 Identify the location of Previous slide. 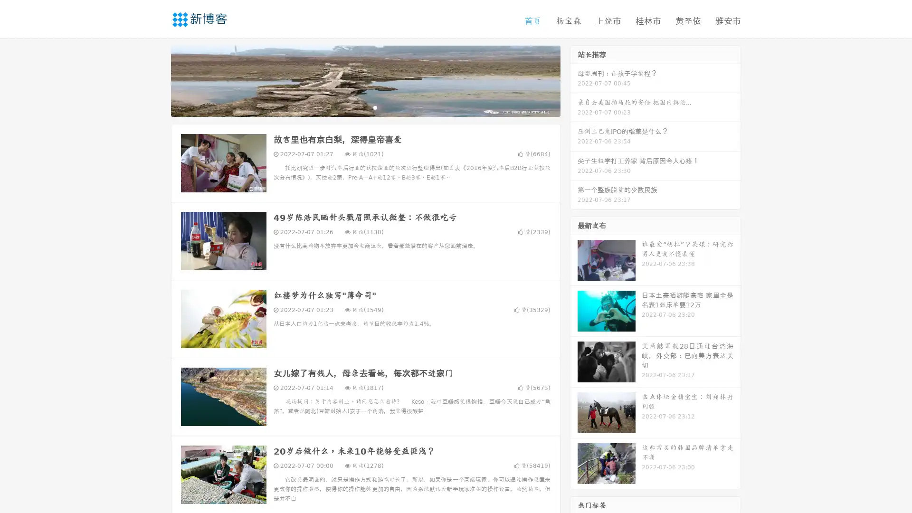
(157, 80).